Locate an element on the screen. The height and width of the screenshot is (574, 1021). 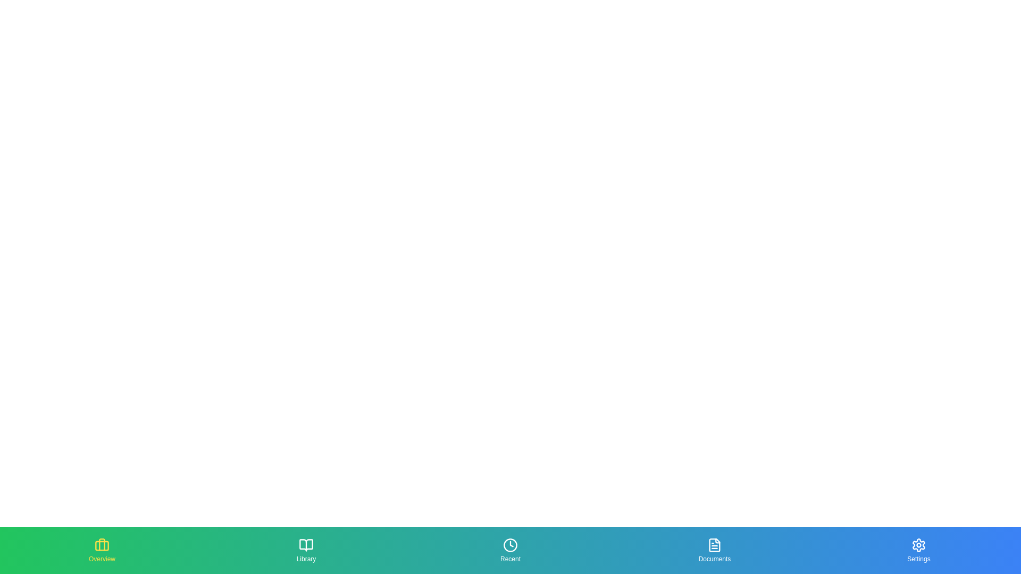
the button corresponding to the Library section is located at coordinates (306, 550).